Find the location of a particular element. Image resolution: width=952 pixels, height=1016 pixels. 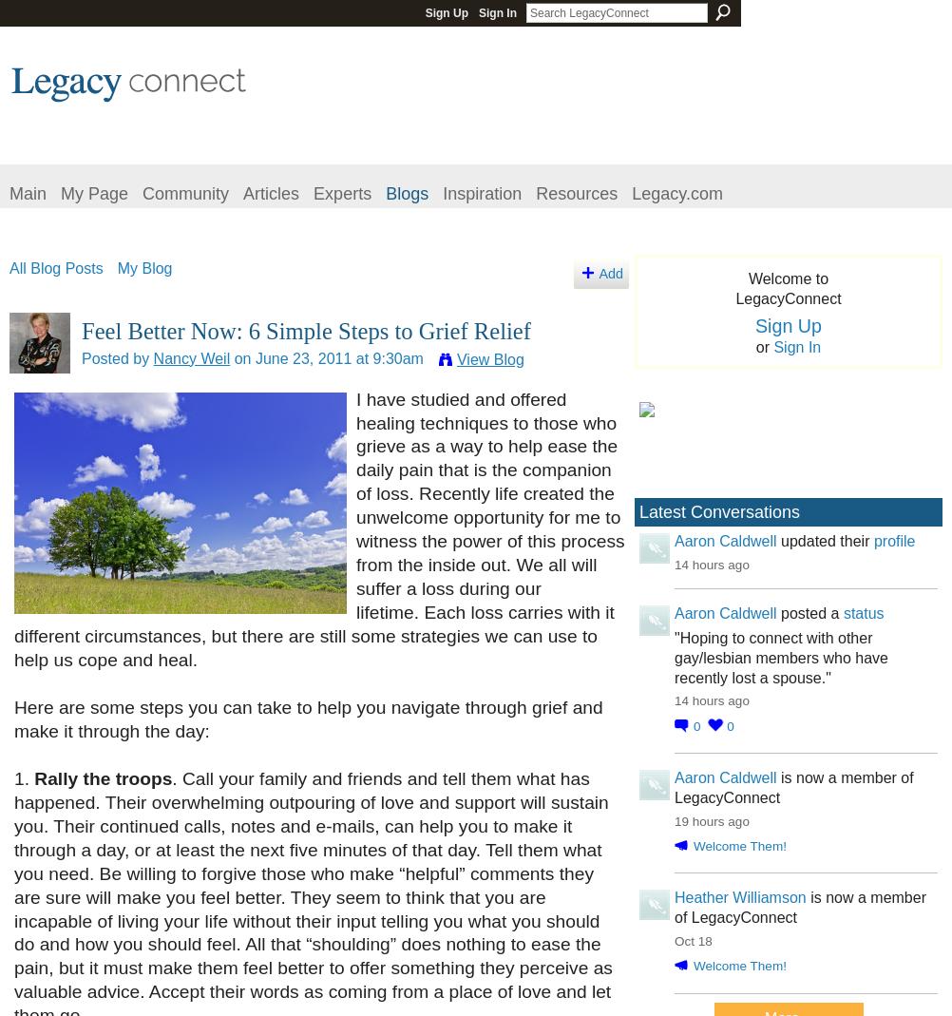

'"Hoping to connect with other gay/lesbian members who have recently lost a spouse."' is located at coordinates (780, 656).